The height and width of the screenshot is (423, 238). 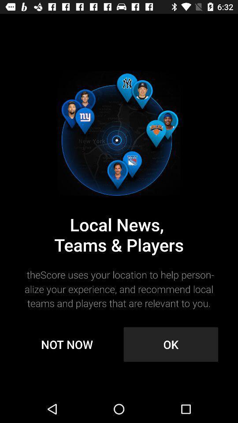 What do you see at coordinates (171, 344) in the screenshot?
I see `item below thescore uses your item` at bounding box center [171, 344].